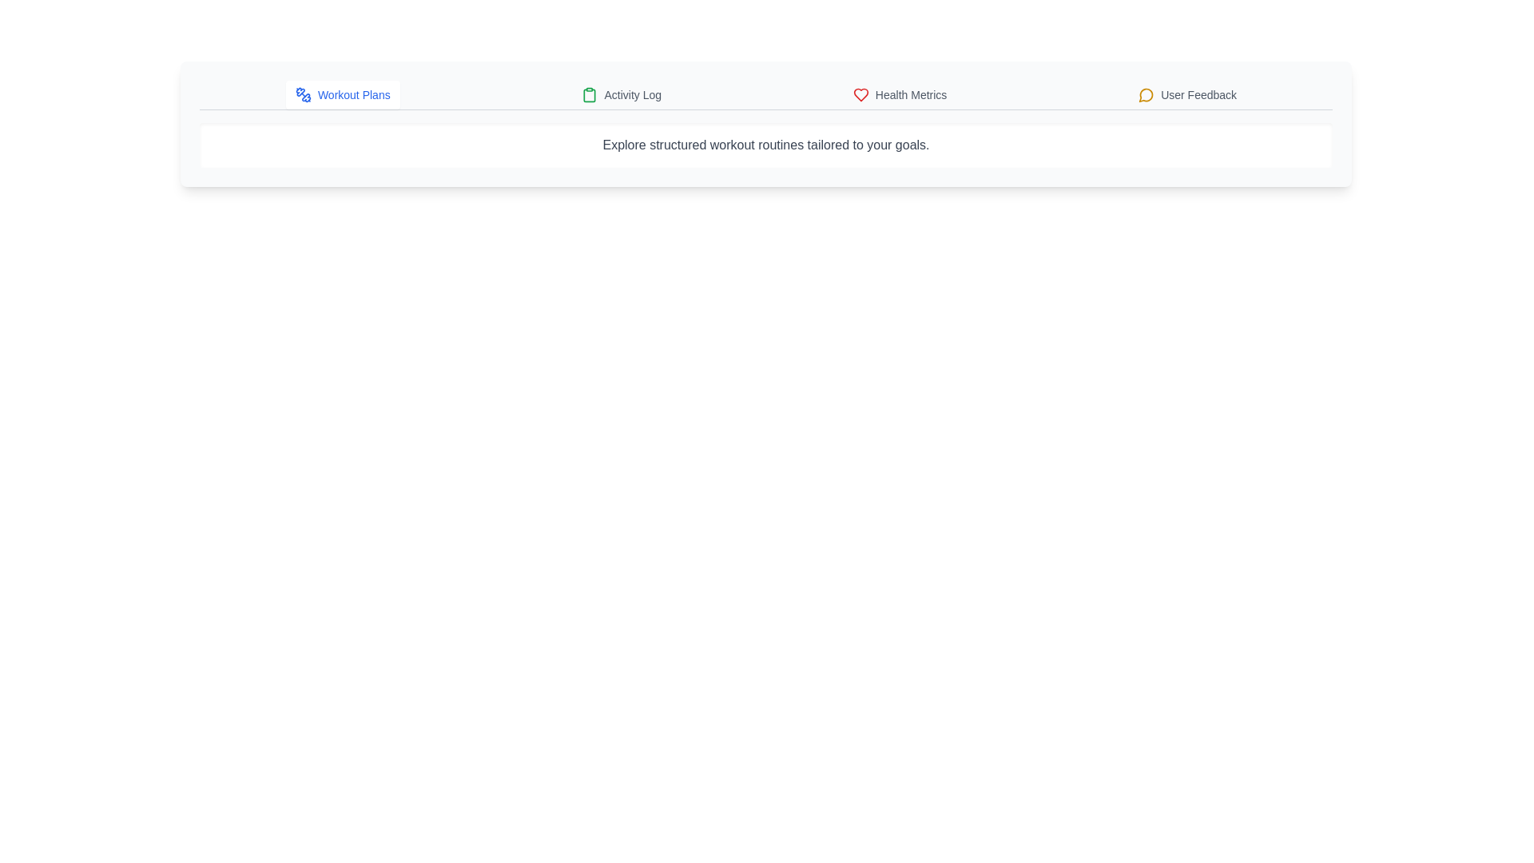  I want to click on the dumbbell icon, which is a blue SVG graphic located to the left of the 'Workout Plans' button, so click(303, 95).